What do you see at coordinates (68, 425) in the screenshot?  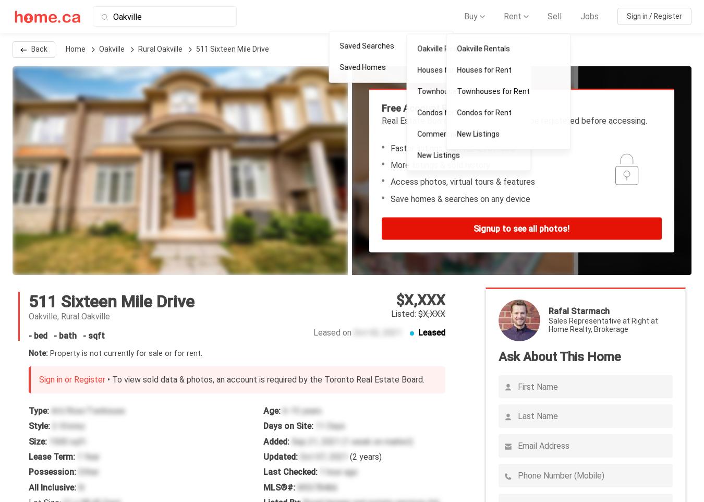 I see `'2-Storey'` at bounding box center [68, 425].